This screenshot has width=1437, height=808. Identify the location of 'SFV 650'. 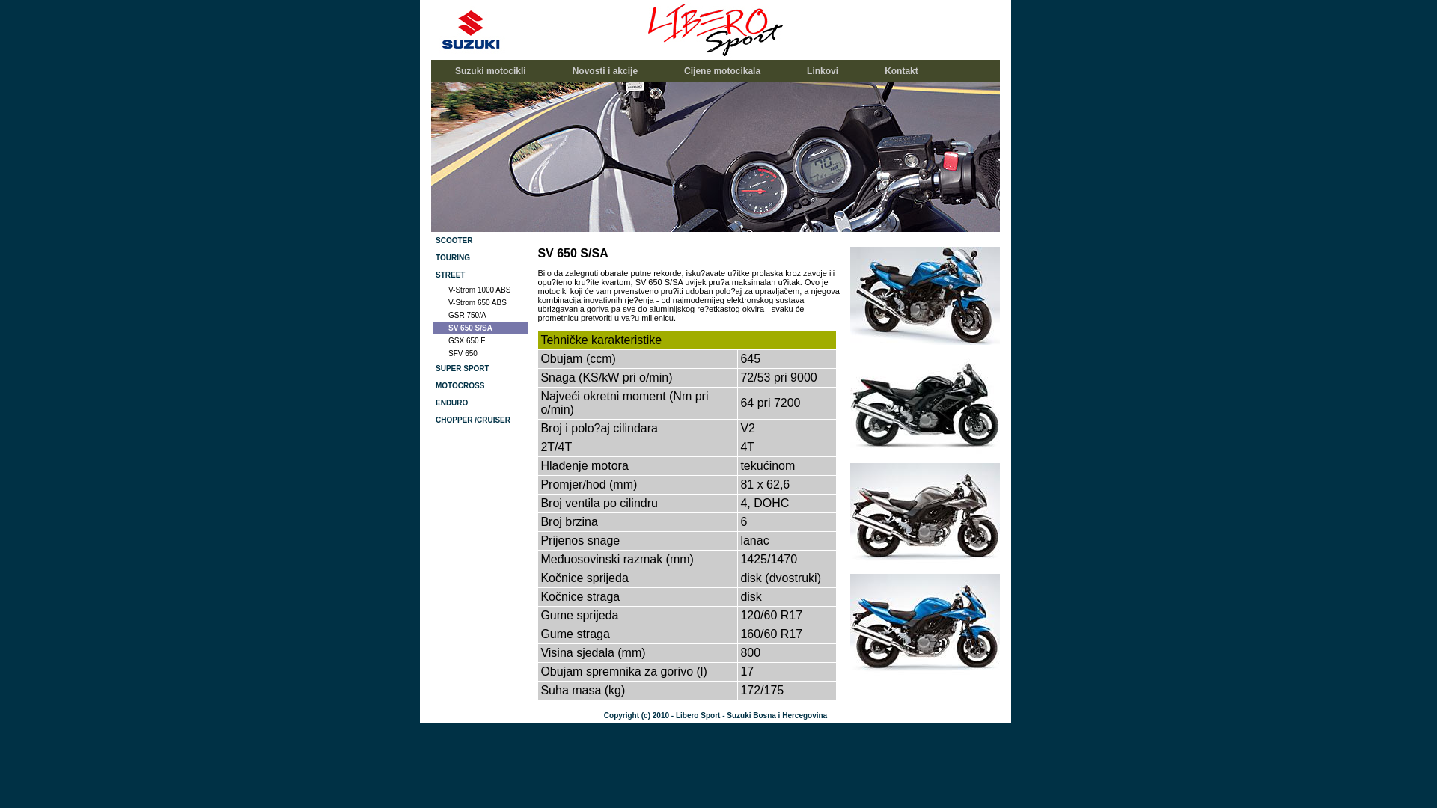
(480, 353).